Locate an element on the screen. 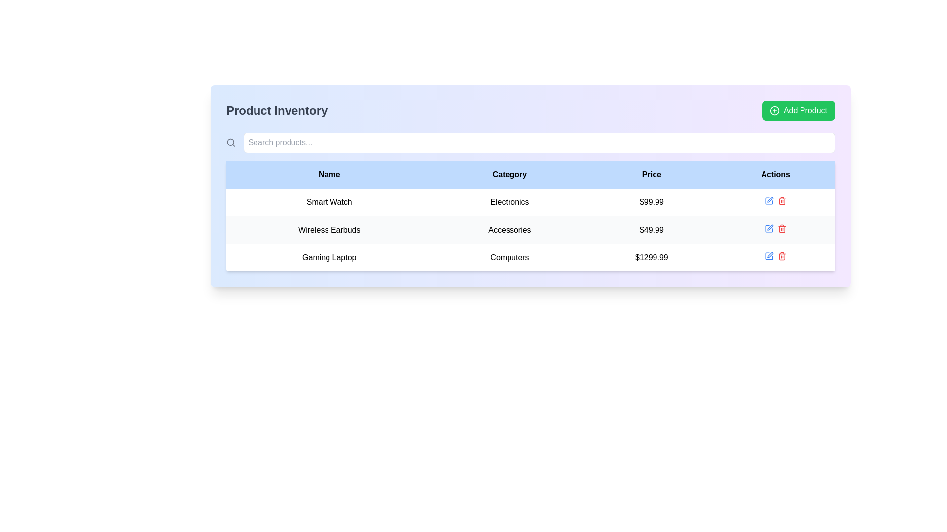 The width and height of the screenshot is (947, 532). the red trash bin icon button located in the 'Actions' column next to the edit icon for the 'Gaming Laptop' item is located at coordinates (781, 256).